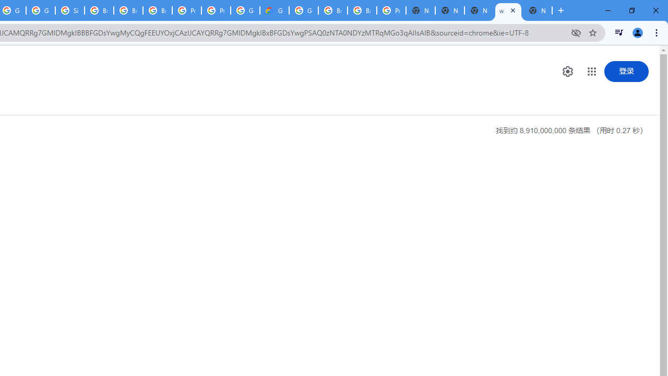  What do you see at coordinates (332, 10) in the screenshot?
I see `'Browse Chrome as a guest - Computer - Google Chrome Help'` at bounding box center [332, 10].